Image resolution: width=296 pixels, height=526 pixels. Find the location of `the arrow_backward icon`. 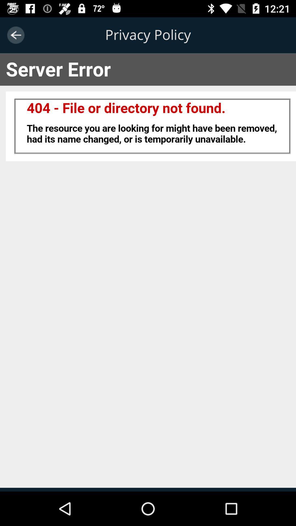

the arrow_backward icon is located at coordinates (15, 35).